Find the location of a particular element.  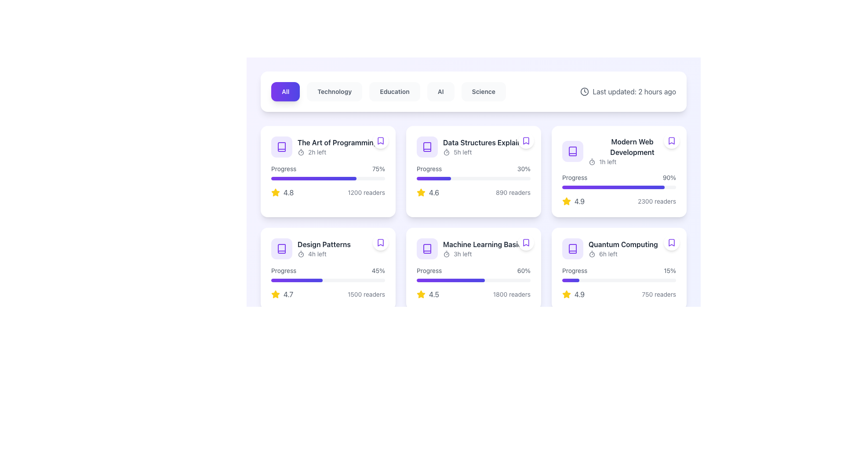

the star icon representing the rating of 'Modern Web Development' for additional options is located at coordinates (567, 201).